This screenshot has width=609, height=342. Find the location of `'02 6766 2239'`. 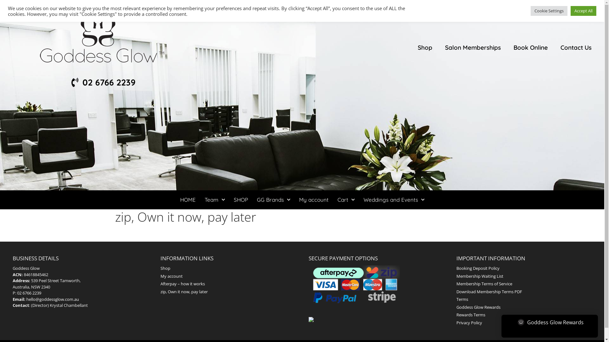

'02 6766 2239' is located at coordinates (102, 82).